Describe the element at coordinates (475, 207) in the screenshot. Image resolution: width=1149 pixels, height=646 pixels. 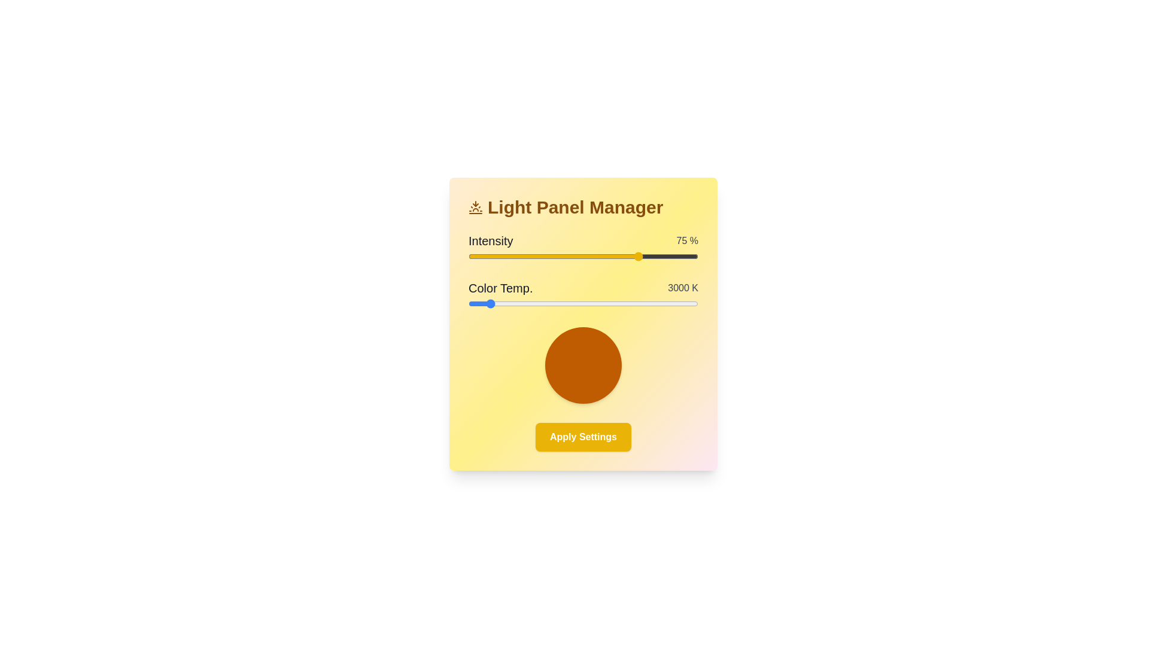
I see `the icon next to the title` at that location.